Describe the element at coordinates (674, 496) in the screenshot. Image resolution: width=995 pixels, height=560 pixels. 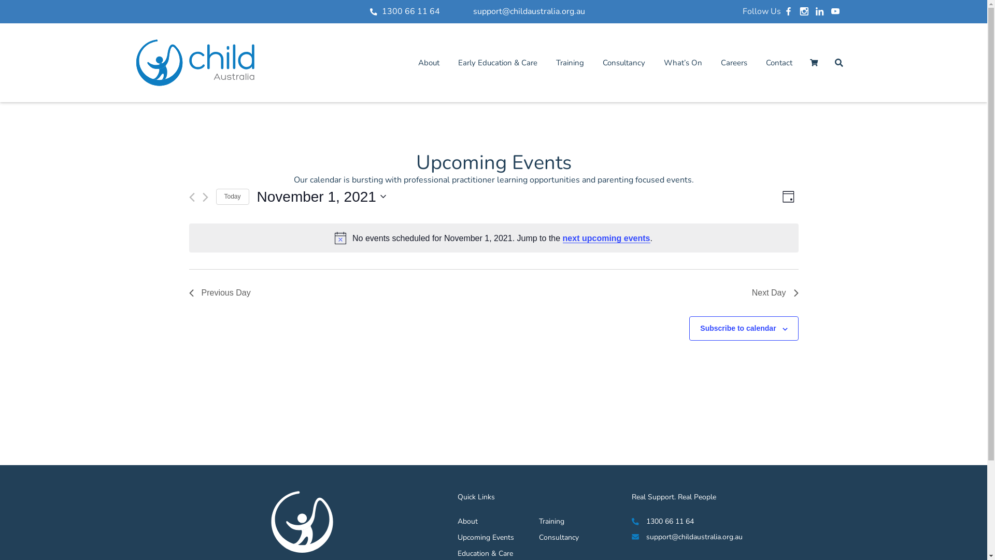
I see `'Real Support. Real People'` at that location.